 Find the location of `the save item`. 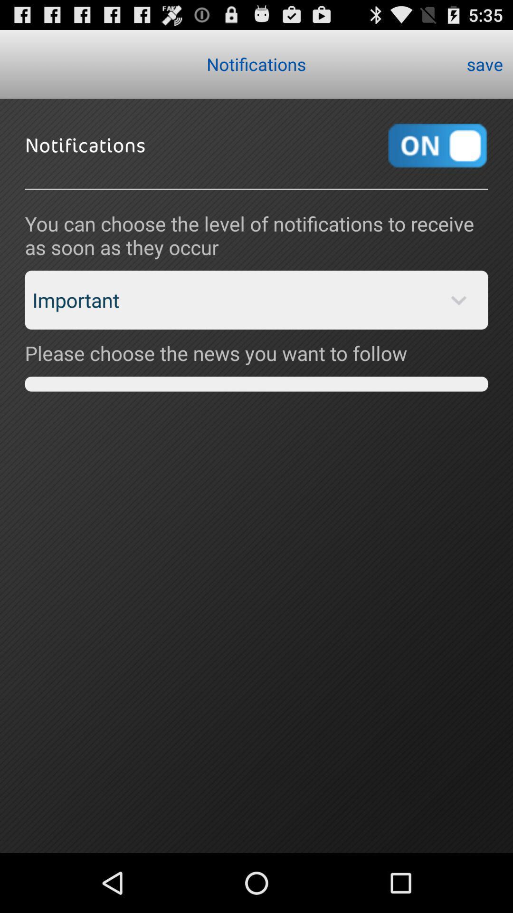

the save item is located at coordinates (484, 63).